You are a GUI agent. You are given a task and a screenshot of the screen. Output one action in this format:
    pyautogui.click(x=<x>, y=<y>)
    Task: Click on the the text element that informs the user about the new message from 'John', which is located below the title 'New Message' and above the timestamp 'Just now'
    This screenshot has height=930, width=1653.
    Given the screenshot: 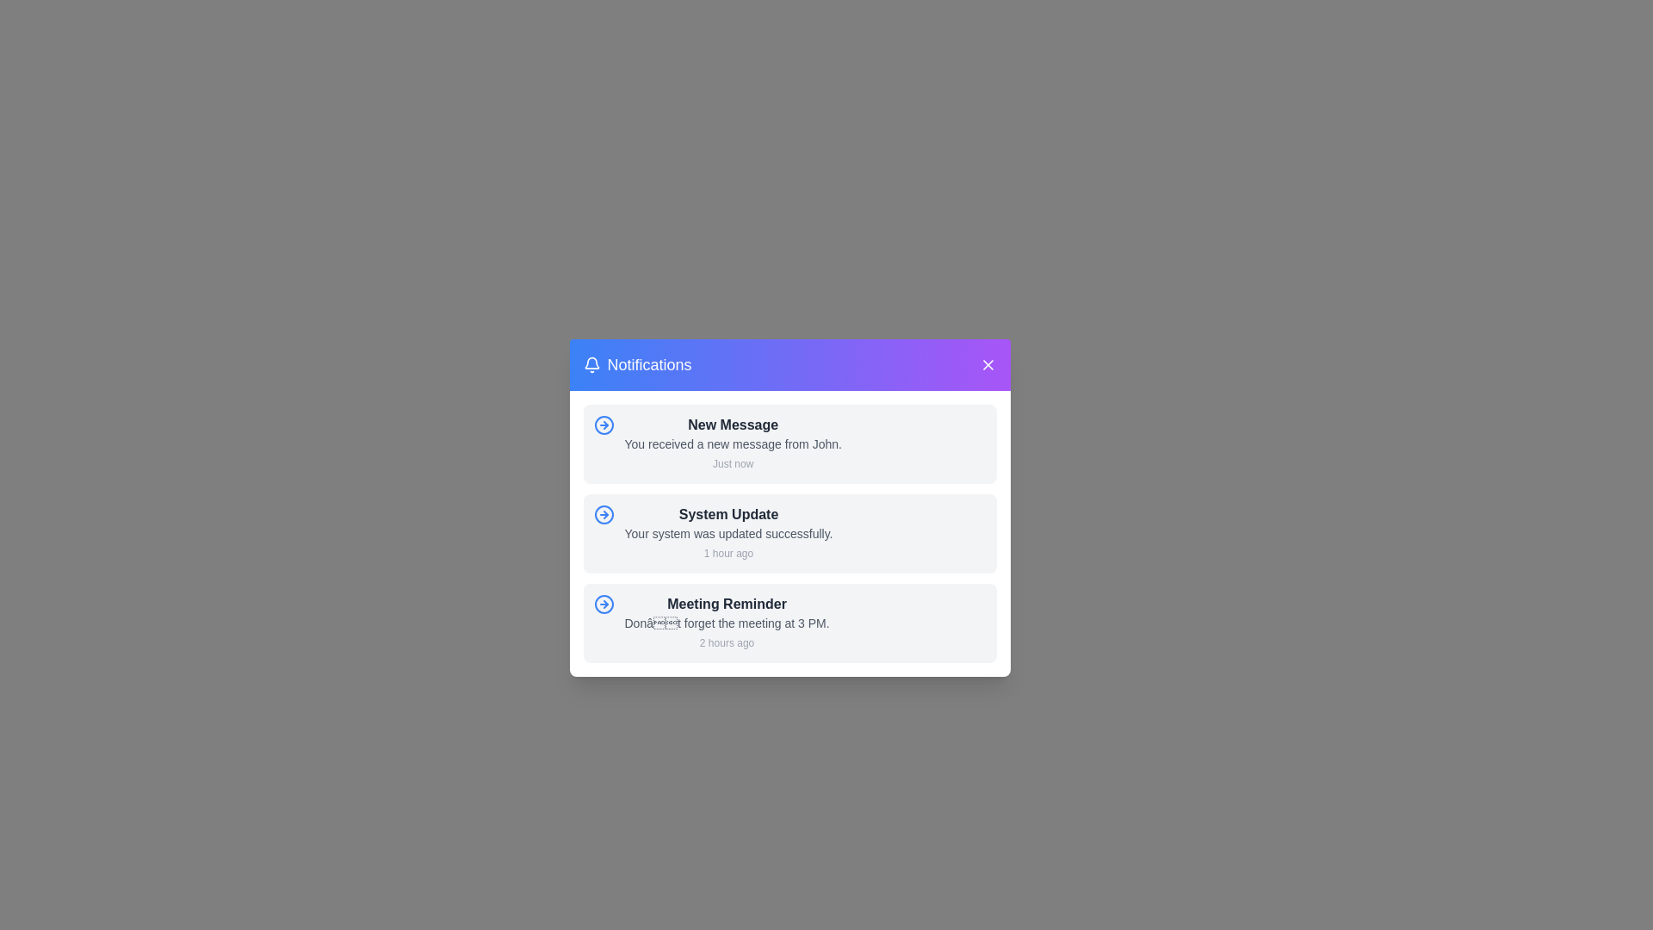 What is the action you would take?
    pyautogui.click(x=733, y=443)
    